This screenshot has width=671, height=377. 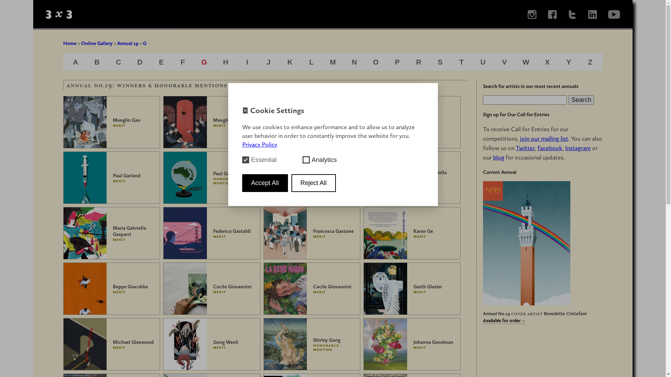 What do you see at coordinates (96, 43) in the screenshot?
I see `'Online Gallery'` at bounding box center [96, 43].